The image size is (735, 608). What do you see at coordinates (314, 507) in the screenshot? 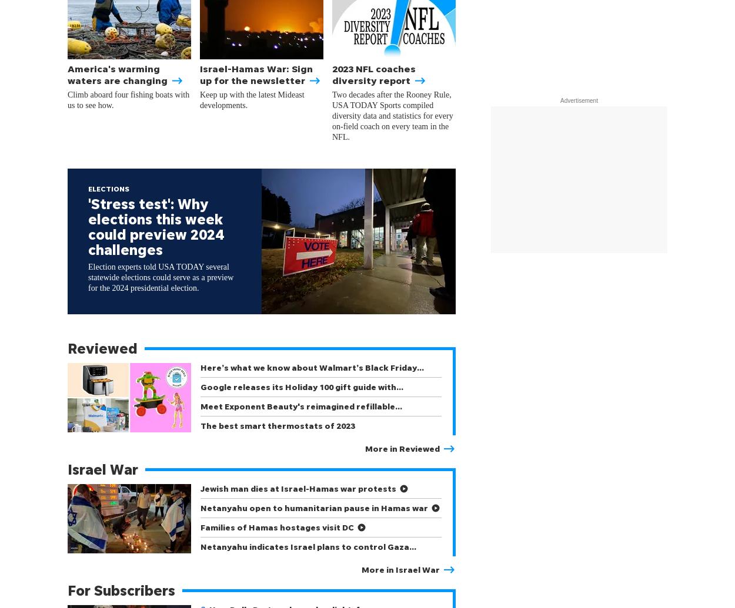
I see `'Netanyahu open to humanitarian pause in Hamas war'` at bounding box center [314, 507].